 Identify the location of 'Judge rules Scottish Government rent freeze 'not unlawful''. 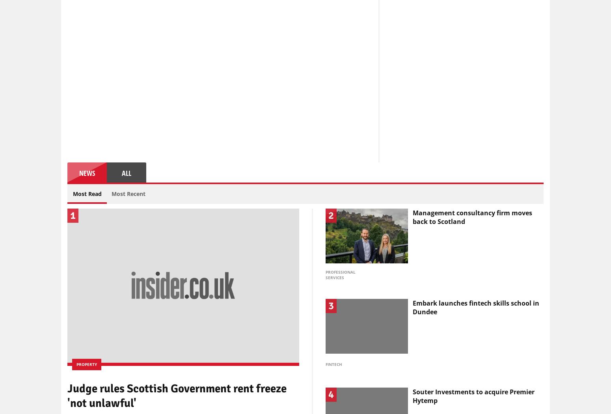
(177, 395).